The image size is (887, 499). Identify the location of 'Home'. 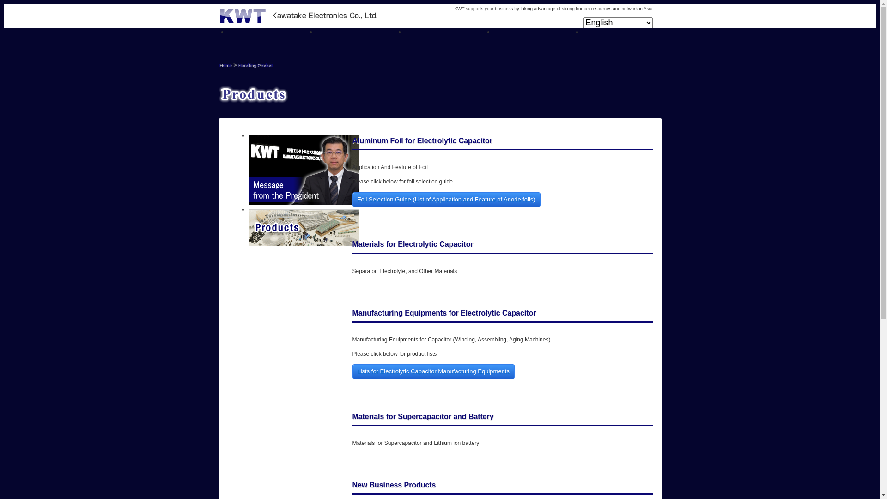
(225, 64).